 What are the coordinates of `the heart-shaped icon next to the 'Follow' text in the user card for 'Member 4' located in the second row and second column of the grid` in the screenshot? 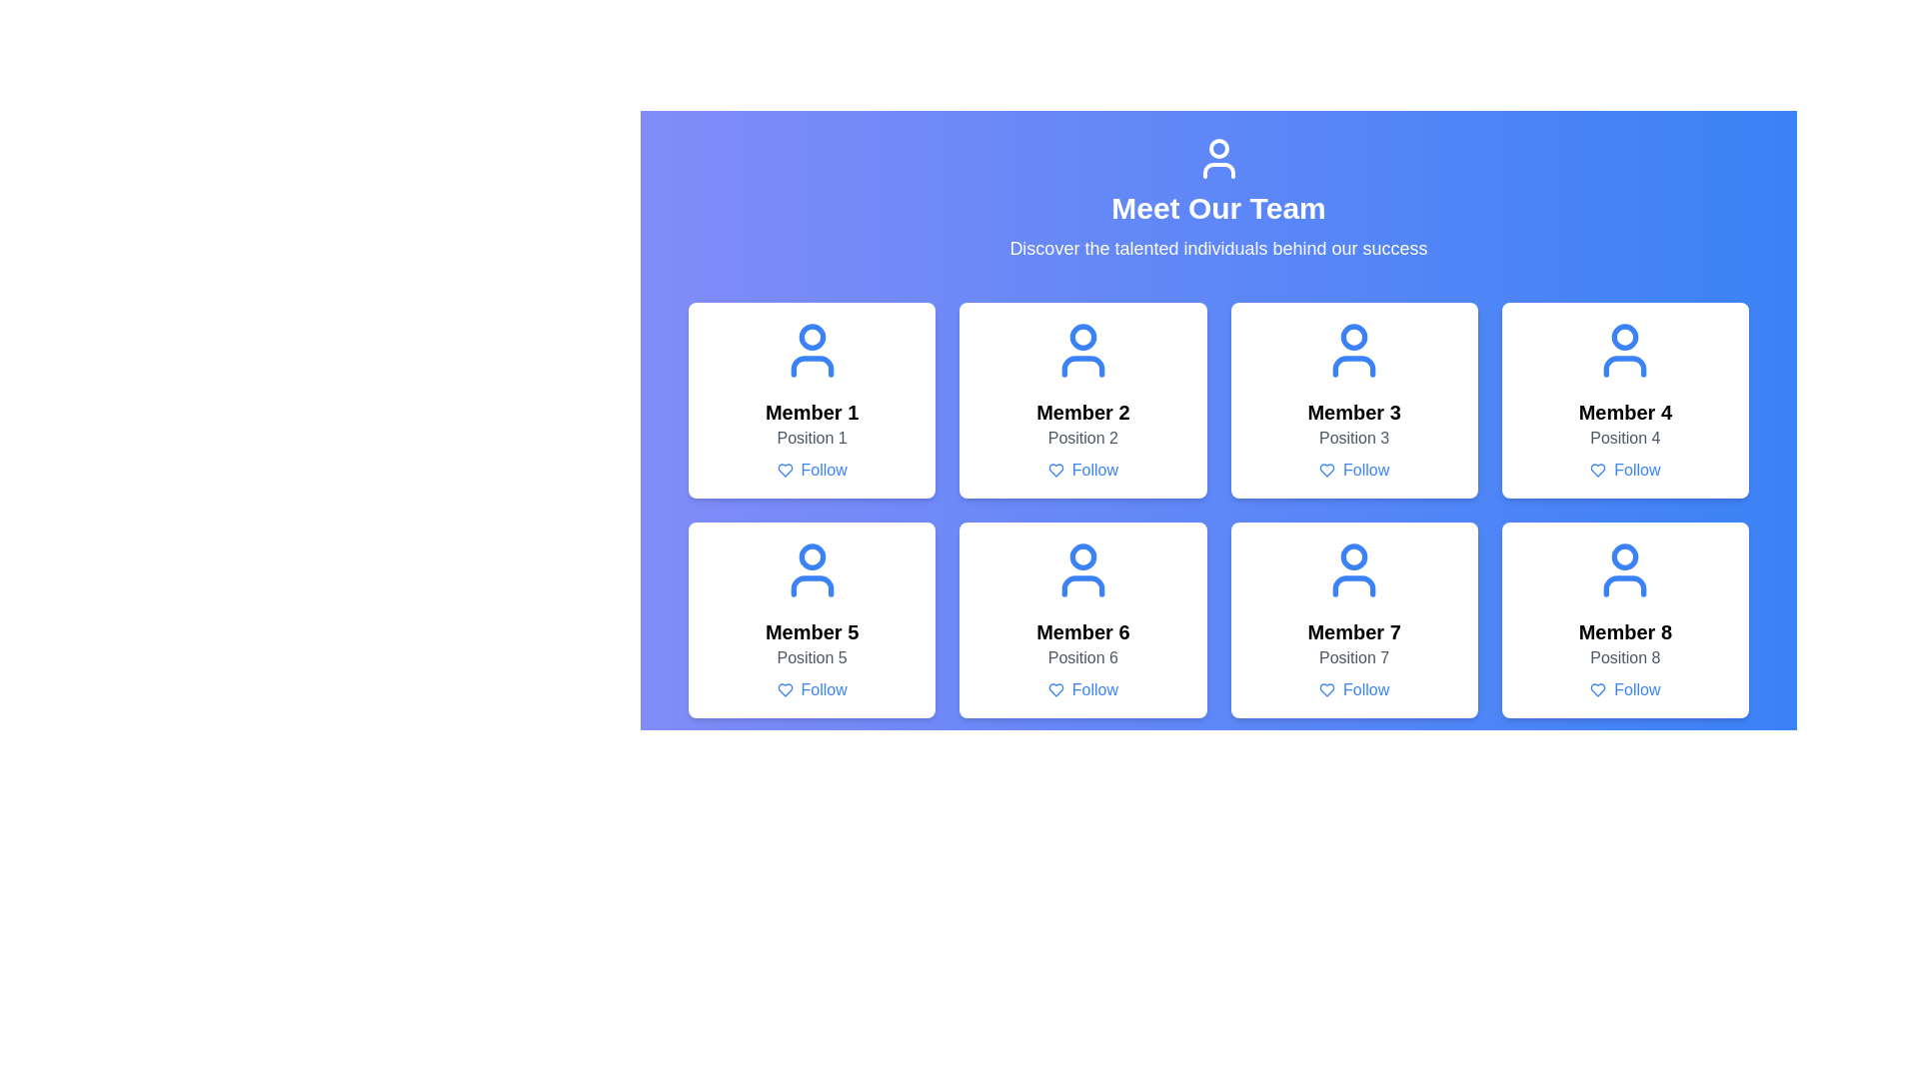 It's located at (1597, 470).